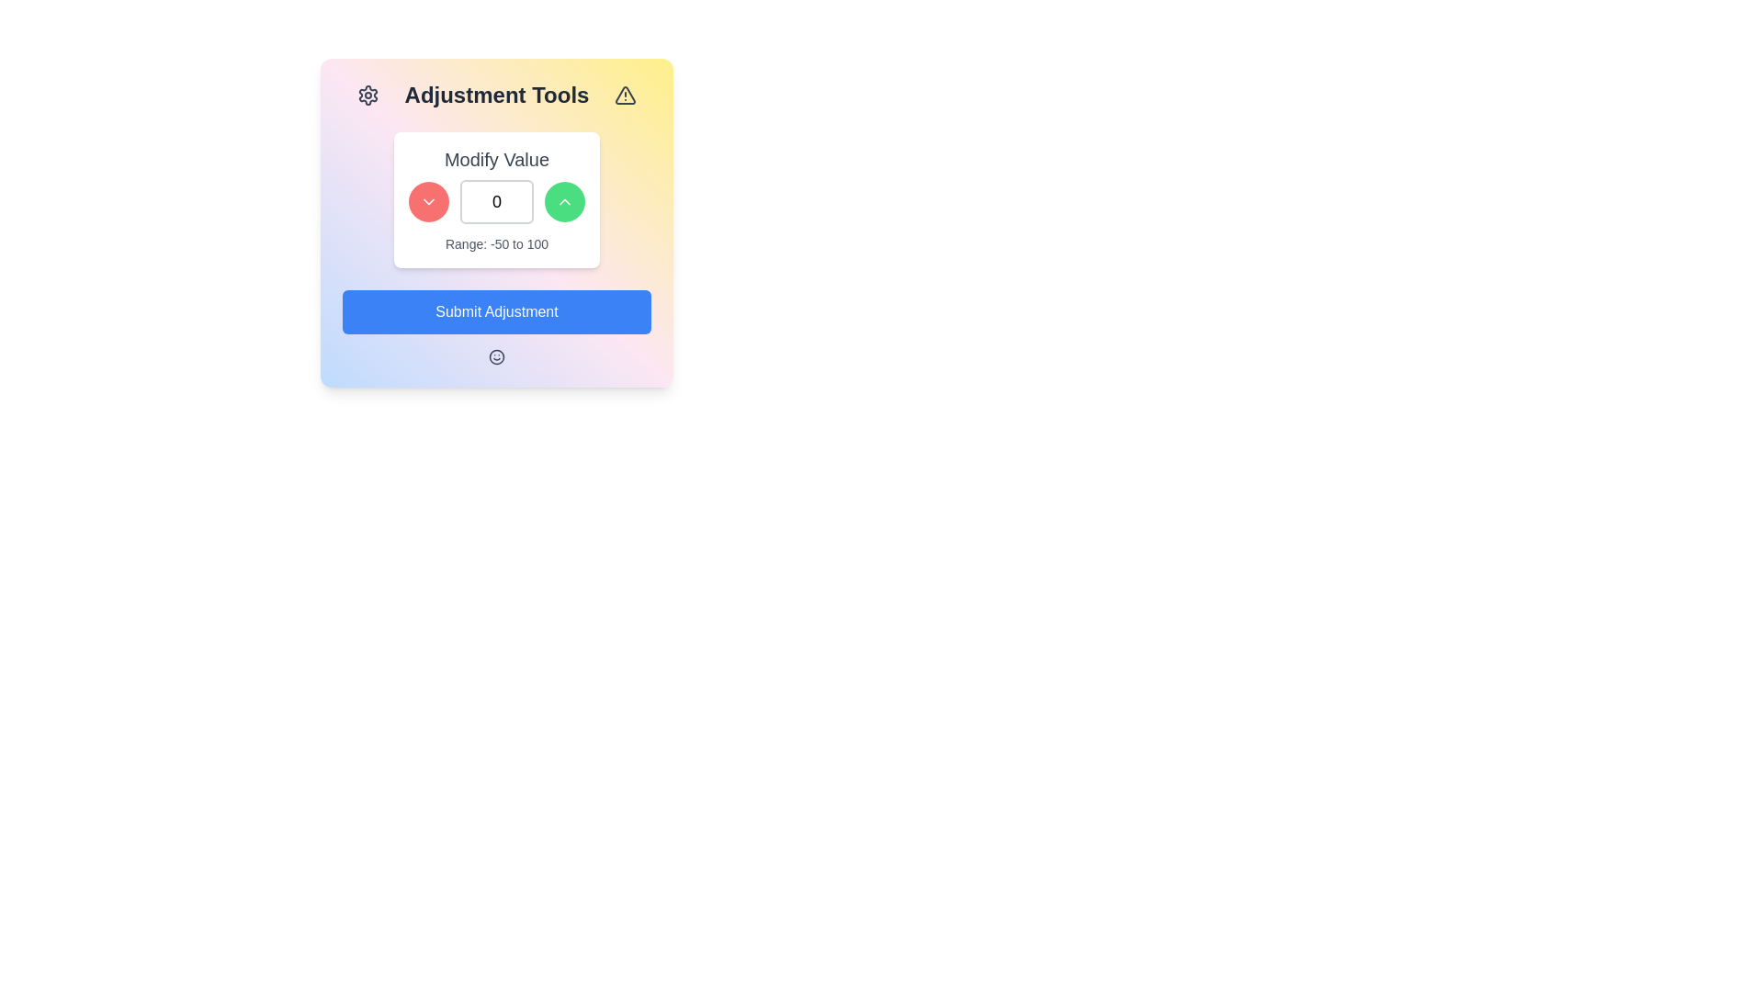 The image size is (1764, 992). What do you see at coordinates (367, 96) in the screenshot?
I see `the gear icon representing settings in the top header bar titled 'Adjustment Tools'` at bounding box center [367, 96].